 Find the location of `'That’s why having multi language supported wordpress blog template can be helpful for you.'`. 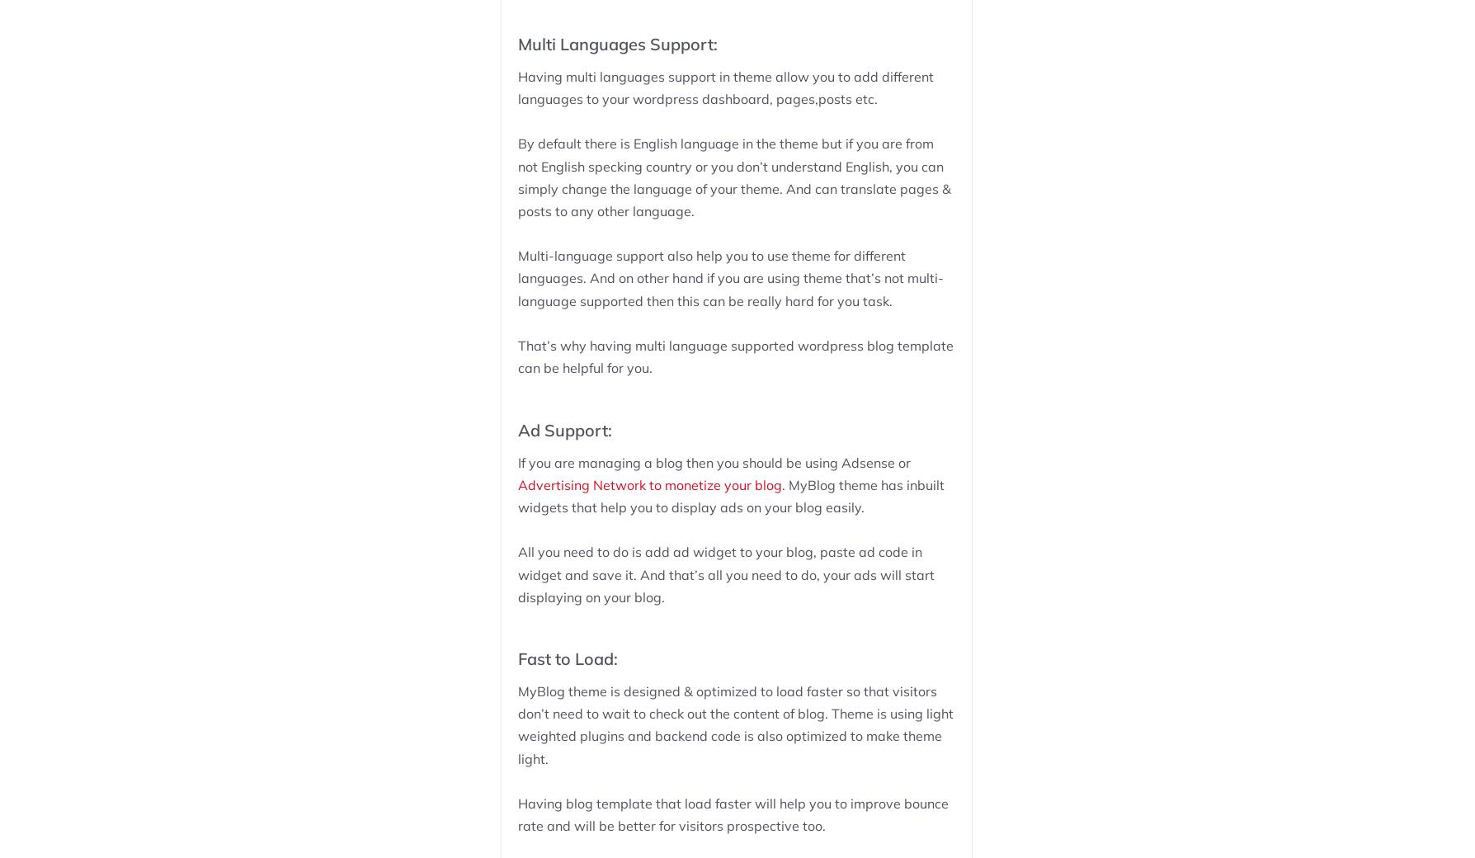

'That’s why having multi language supported wordpress blog template can be helpful for you.' is located at coordinates (733, 356).